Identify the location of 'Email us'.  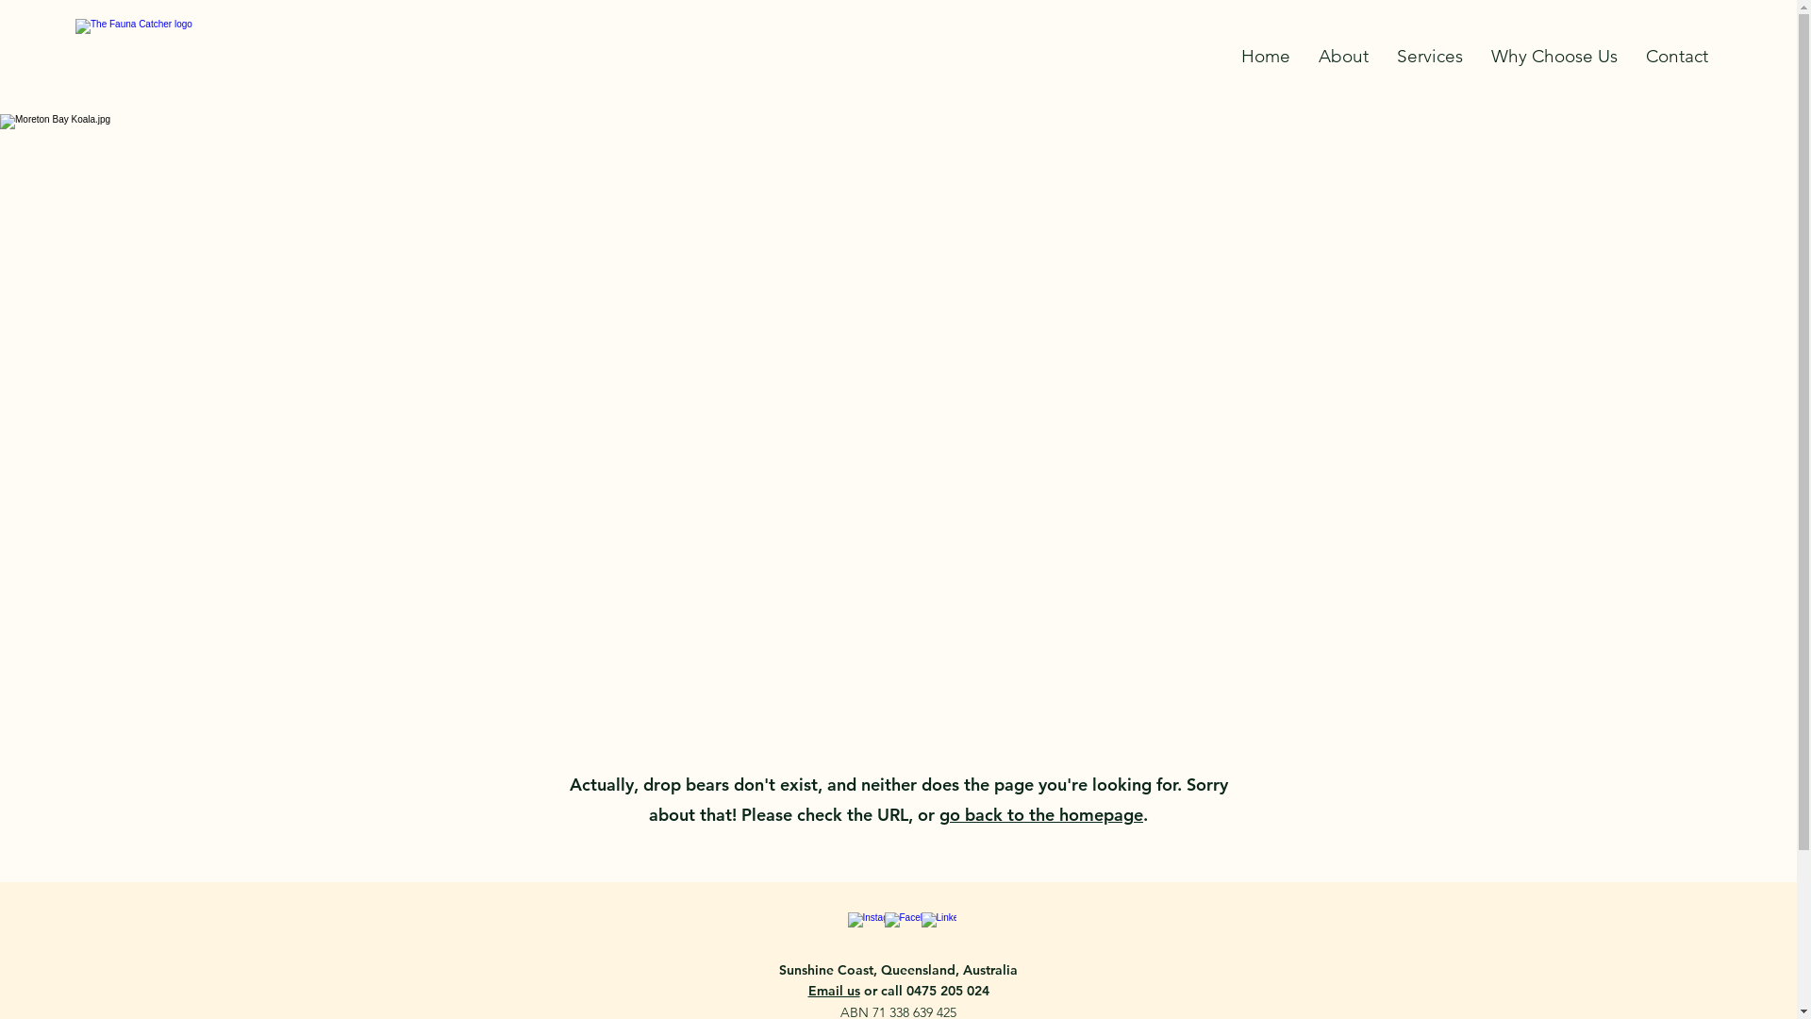
(832, 989).